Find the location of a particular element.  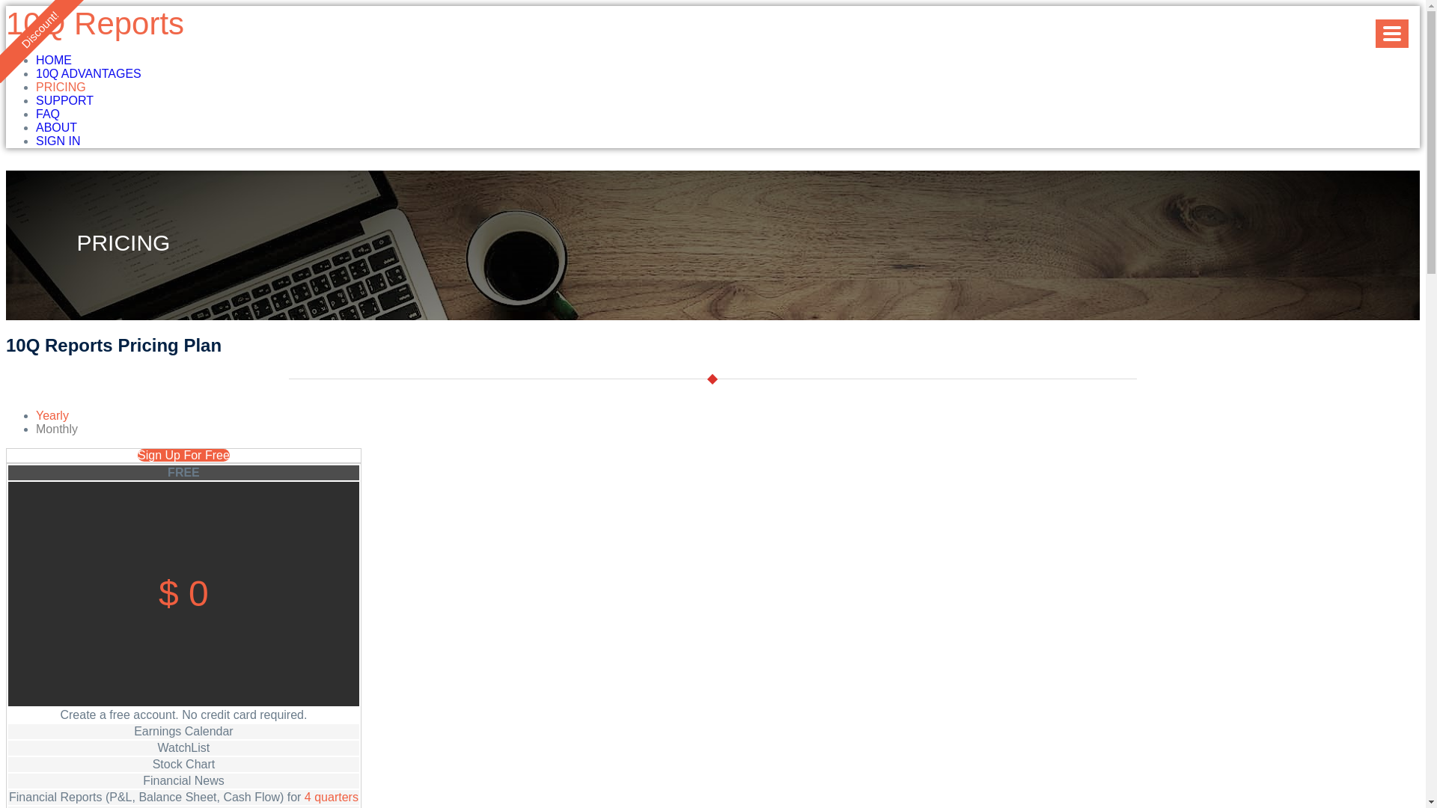

'SUPPORT' is located at coordinates (64, 100).